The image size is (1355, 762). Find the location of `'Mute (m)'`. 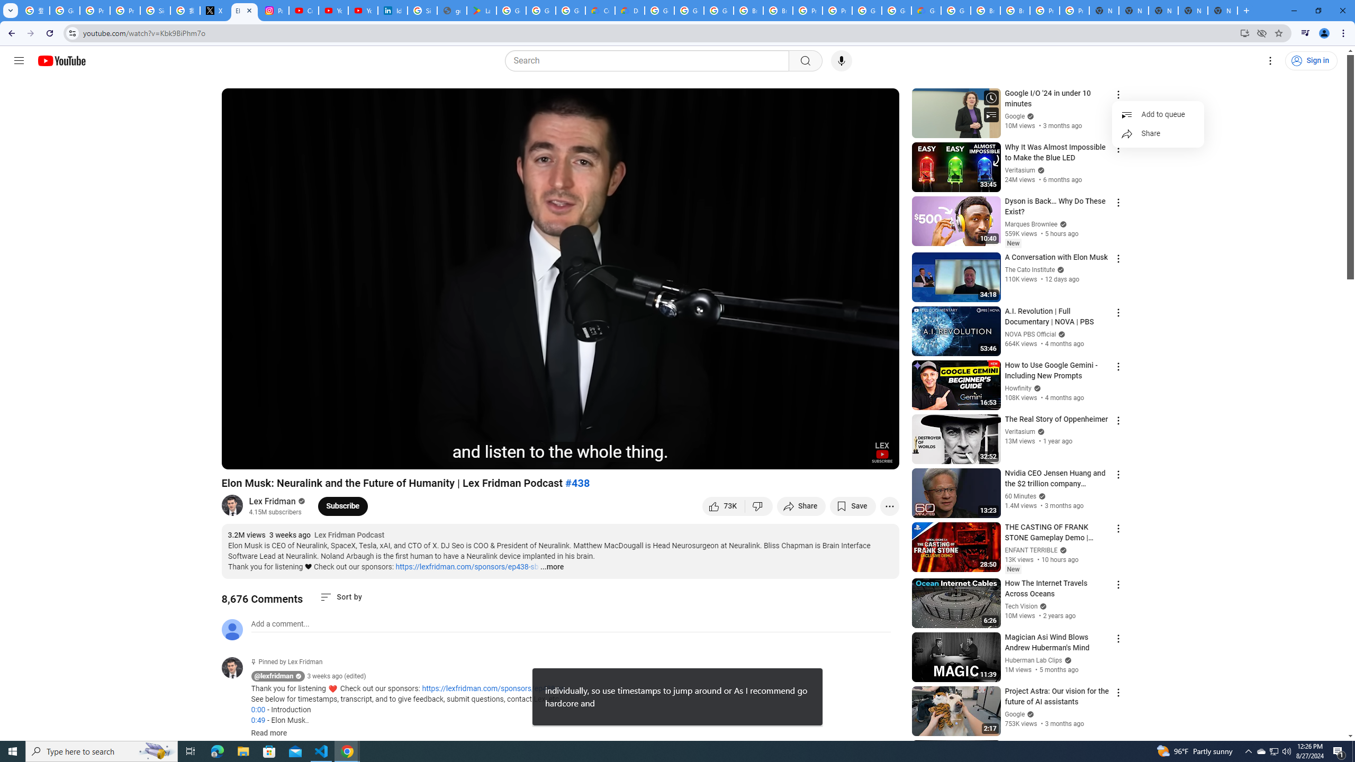

'Mute (m)' is located at coordinates (291, 456).